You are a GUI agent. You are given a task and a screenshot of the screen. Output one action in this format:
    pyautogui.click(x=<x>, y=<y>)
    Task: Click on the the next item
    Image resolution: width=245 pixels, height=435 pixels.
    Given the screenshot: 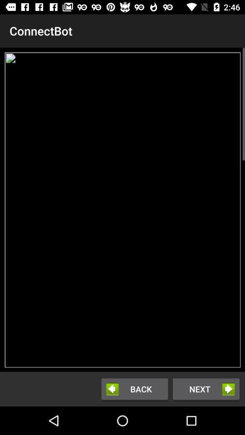 What is the action you would take?
    pyautogui.click(x=206, y=388)
    